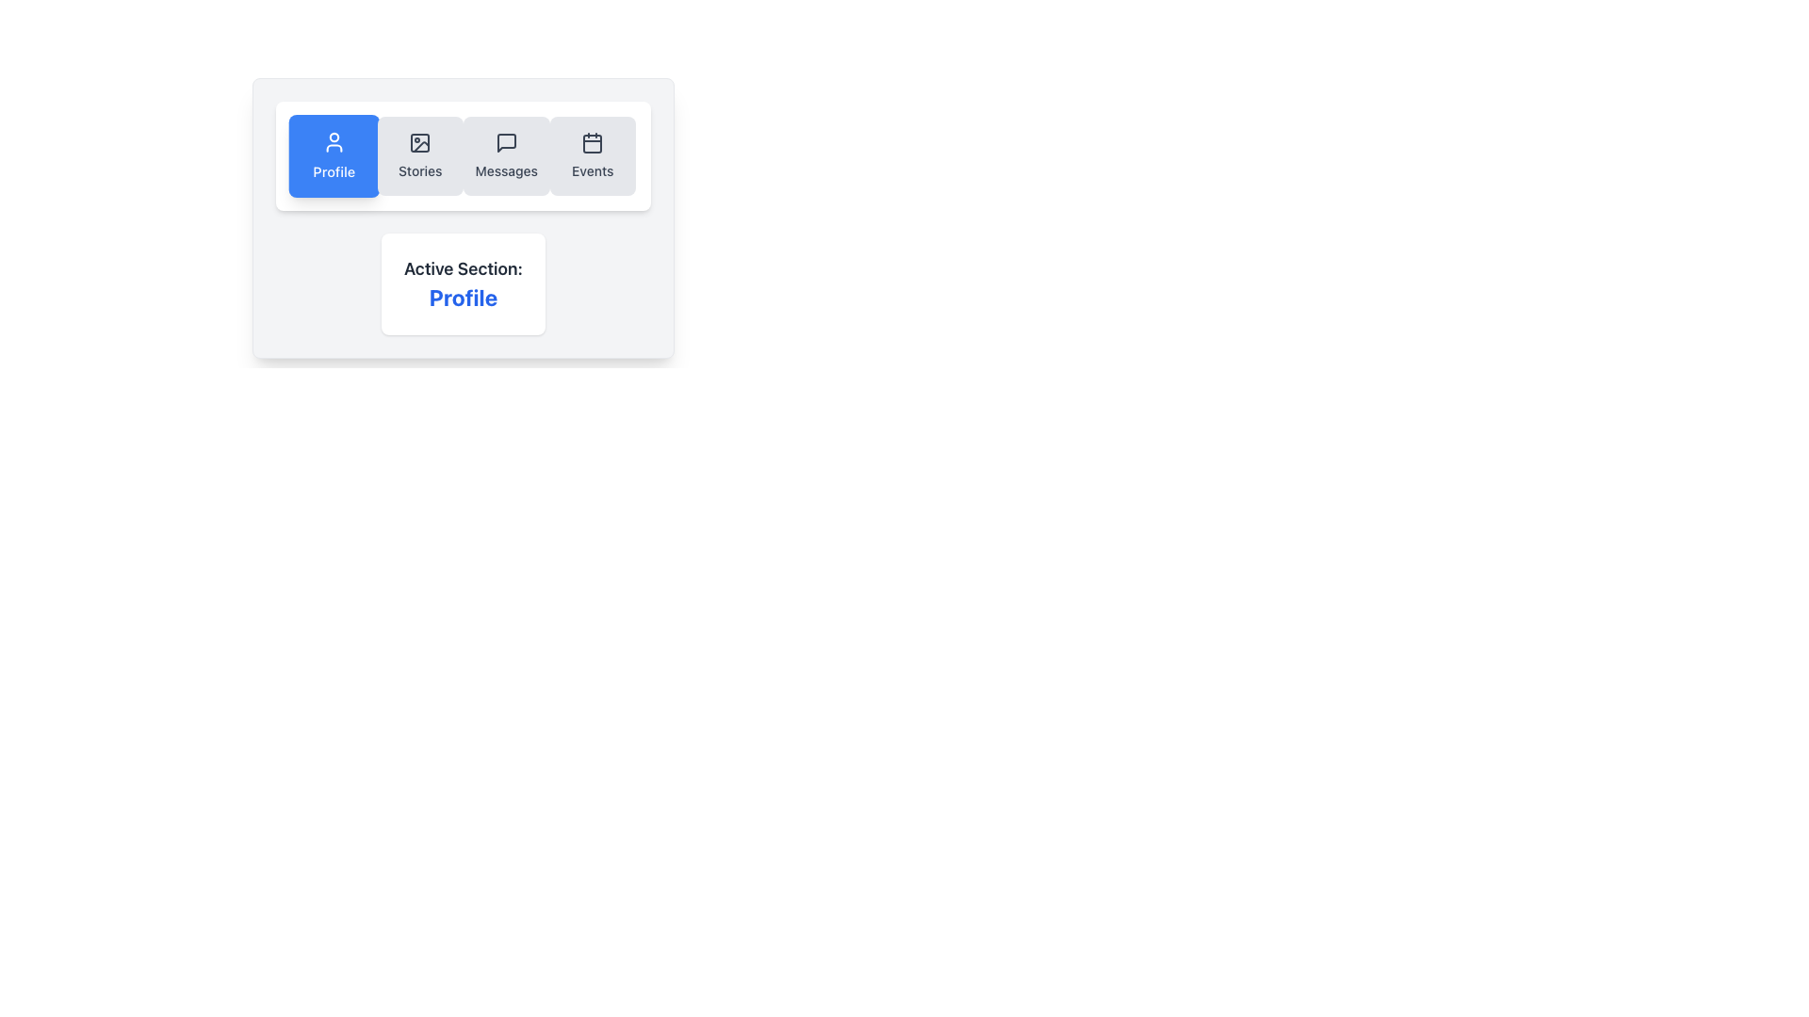 Image resolution: width=1809 pixels, height=1017 pixels. I want to click on the 'Events' button located on the far right of the navigation panel, so click(592, 154).